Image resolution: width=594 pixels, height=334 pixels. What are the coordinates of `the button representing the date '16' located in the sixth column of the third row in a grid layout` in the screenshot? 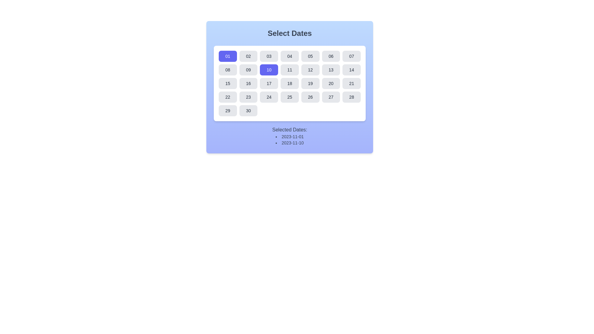 It's located at (248, 83).